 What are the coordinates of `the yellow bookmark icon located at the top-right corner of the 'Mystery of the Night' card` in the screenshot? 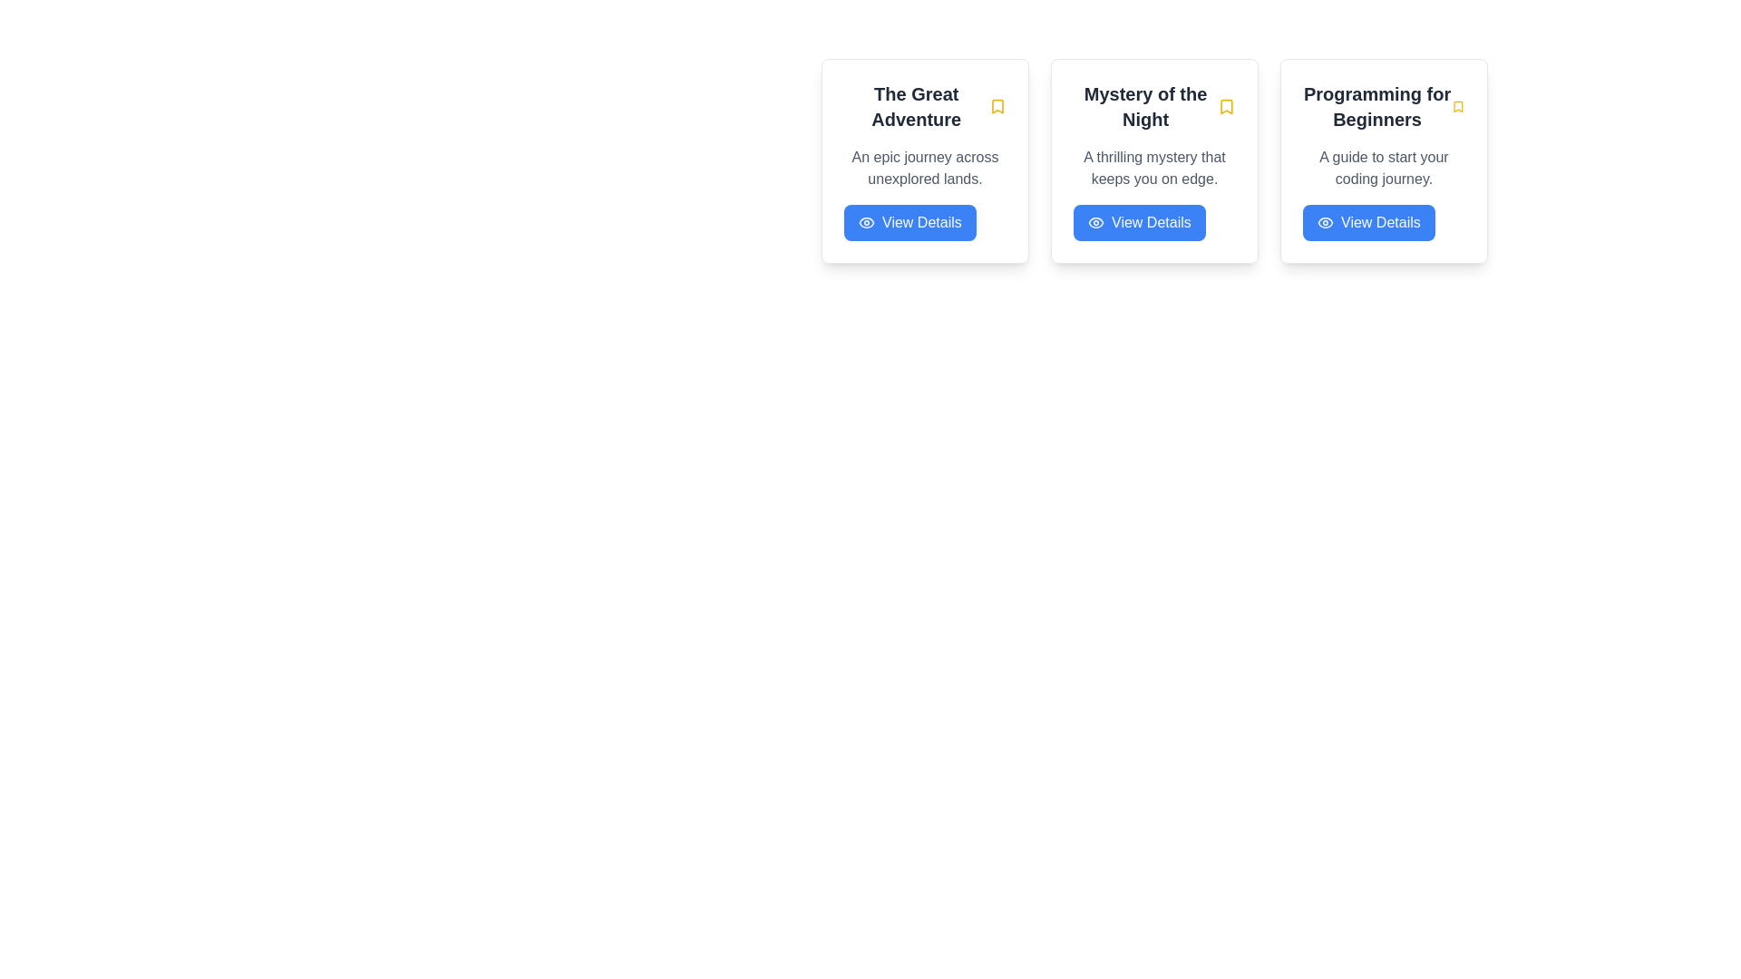 It's located at (1227, 107).